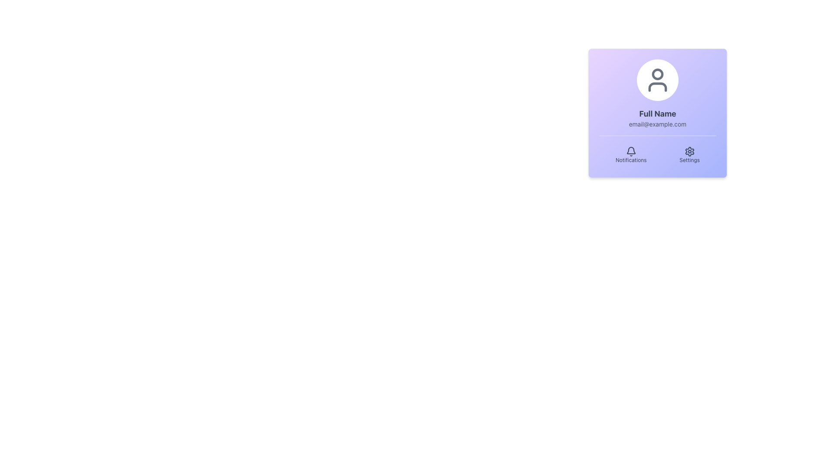 Image resolution: width=833 pixels, height=468 pixels. What do you see at coordinates (658, 73) in the screenshot?
I see `the Circle element that represents the face within the user icon at the top of the card` at bounding box center [658, 73].